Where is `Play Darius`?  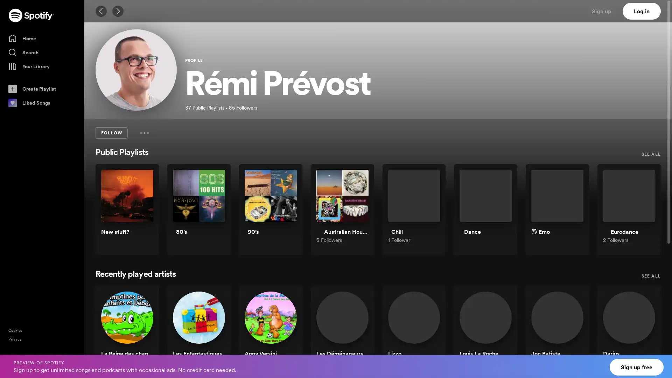 Play Darius is located at coordinates (644, 334).